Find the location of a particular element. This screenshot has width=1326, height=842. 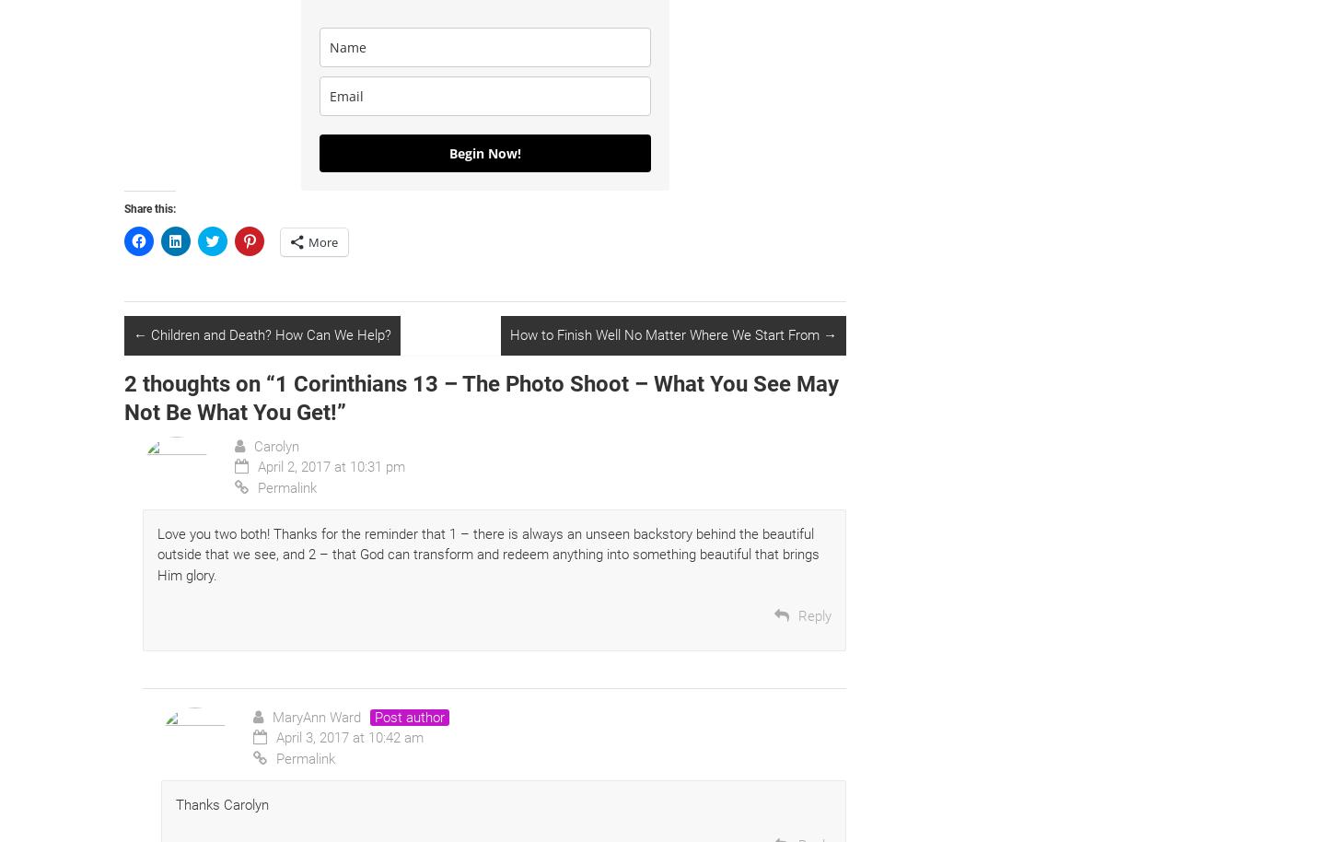

'Thanks Carolyn' is located at coordinates (221, 802).